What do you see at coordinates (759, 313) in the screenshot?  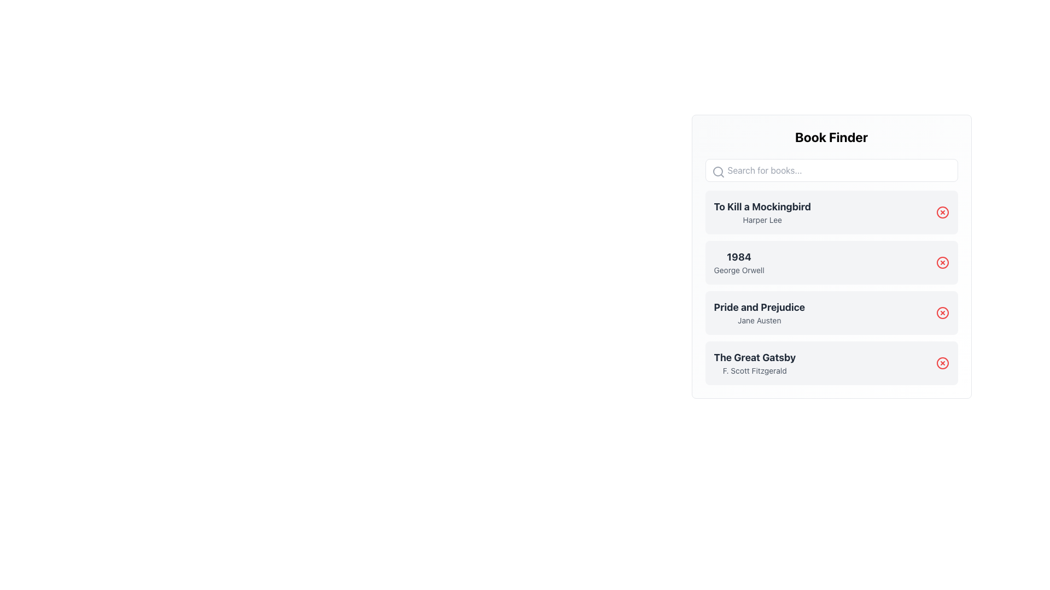 I see `information displayed in the text element showing 'Pride and Prejudice' by 'Jane Austen', which is located in the third entry of the book selection interface` at bounding box center [759, 313].